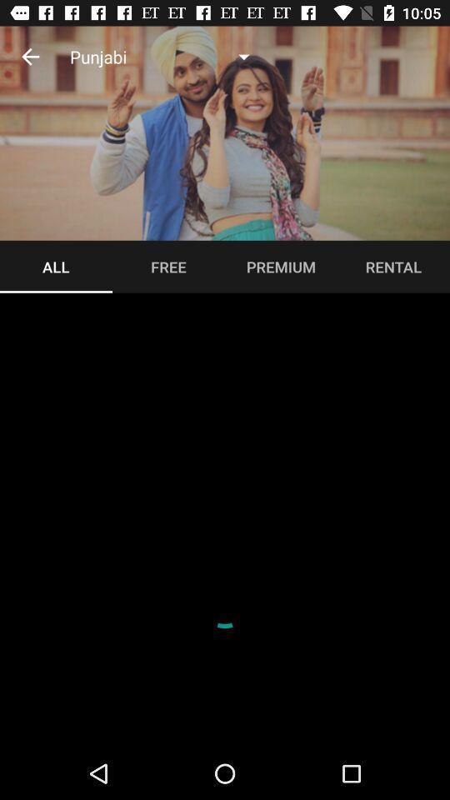 This screenshot has width=450, height=800. I want to click on the icon next to punjabi, so click(30, 57).